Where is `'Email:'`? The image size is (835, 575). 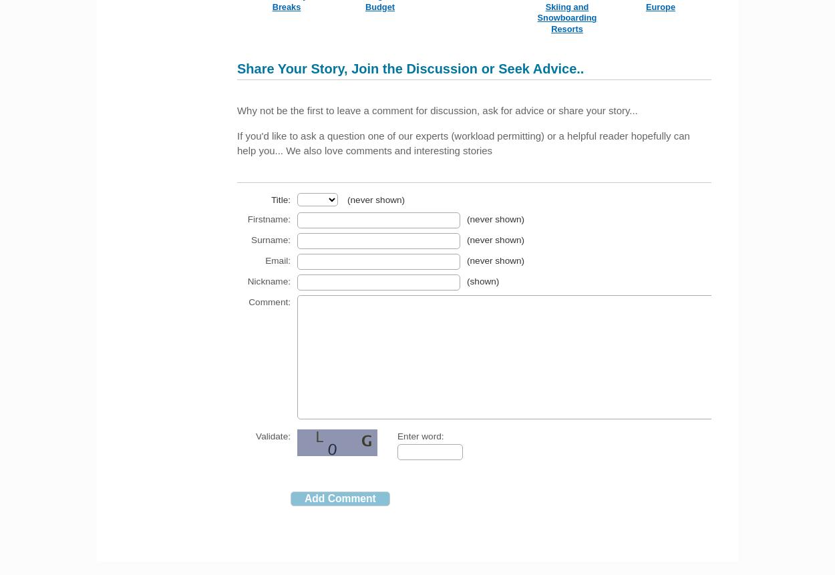
'Email:' is located at coordinates (278, 260).